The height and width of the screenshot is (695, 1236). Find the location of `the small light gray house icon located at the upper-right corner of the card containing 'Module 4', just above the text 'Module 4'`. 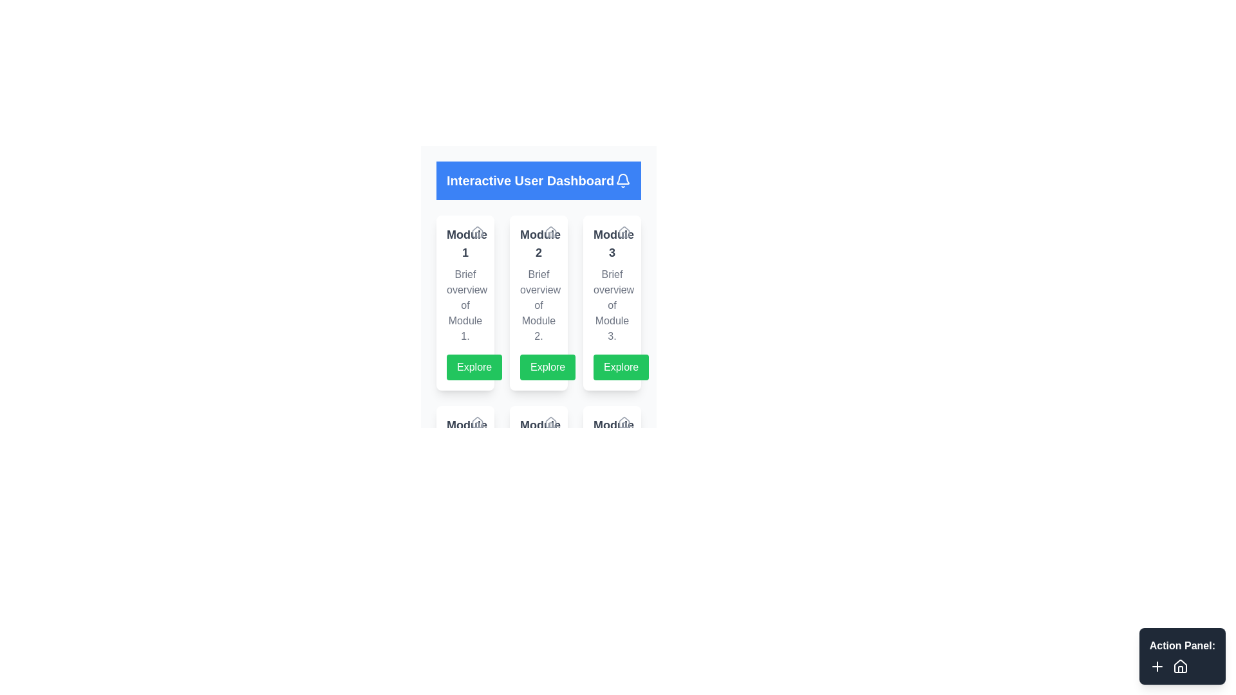

the small light gray house icon located at the upper-right corner of the card containing 'Module 4', just above the text 'Module 4' is located at coordinates (477, 422).